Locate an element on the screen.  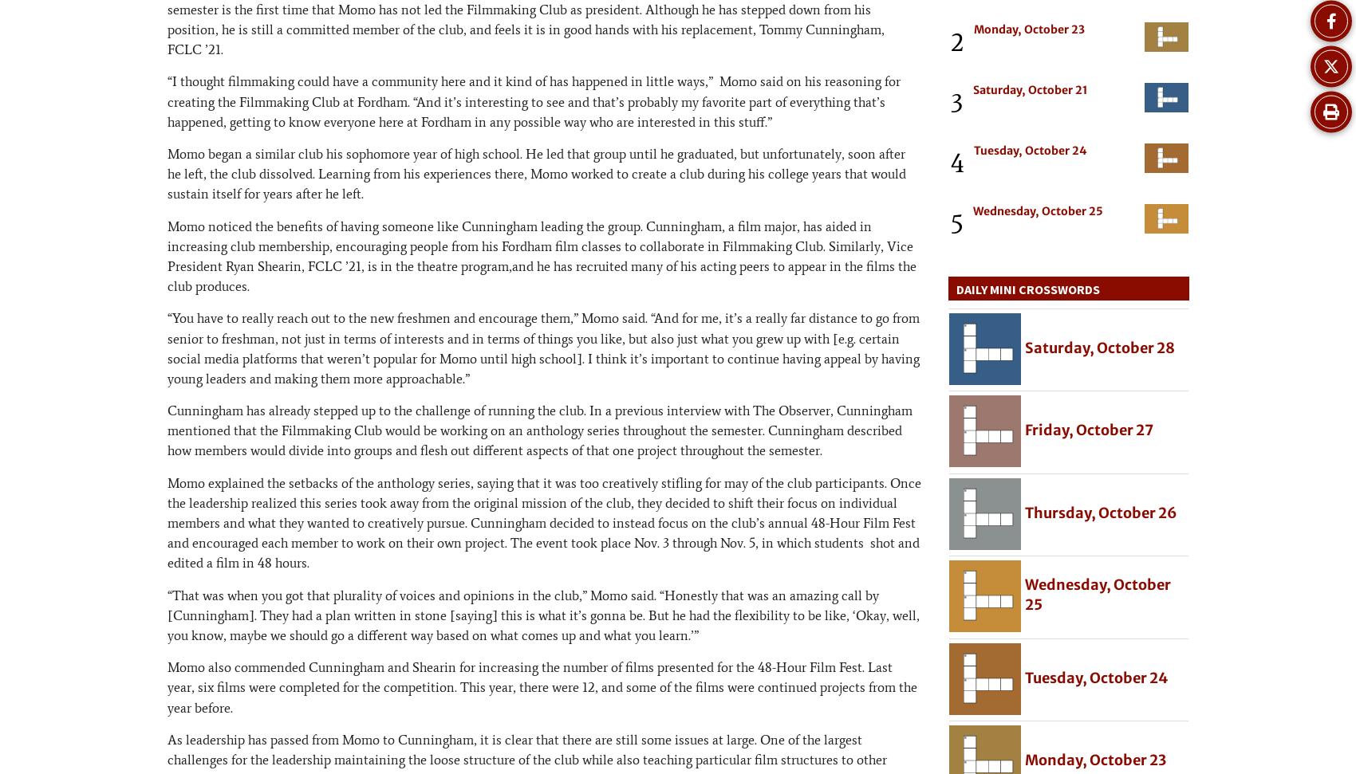
'2' is located at coordinates (956, 41).